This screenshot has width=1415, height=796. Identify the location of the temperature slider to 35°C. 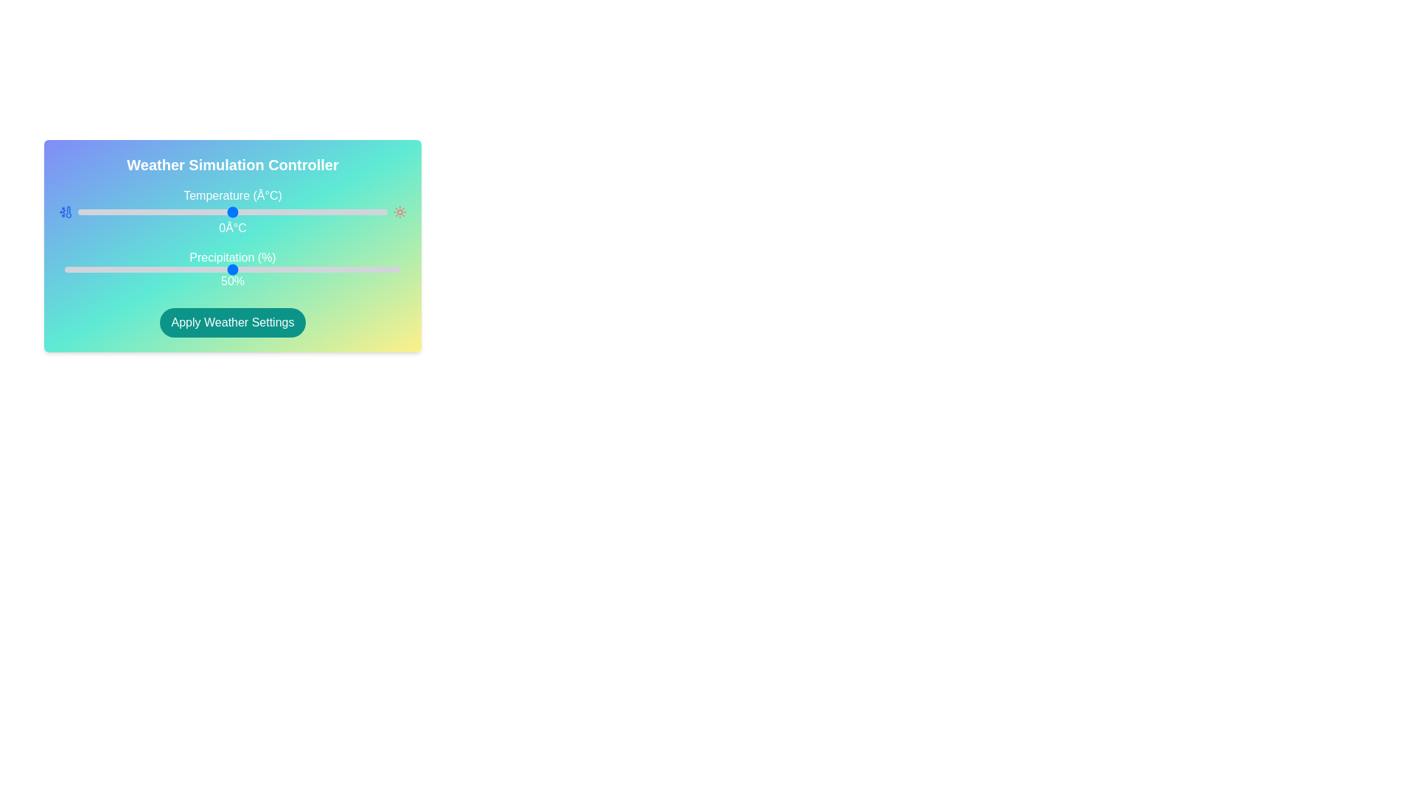
(340, 212).